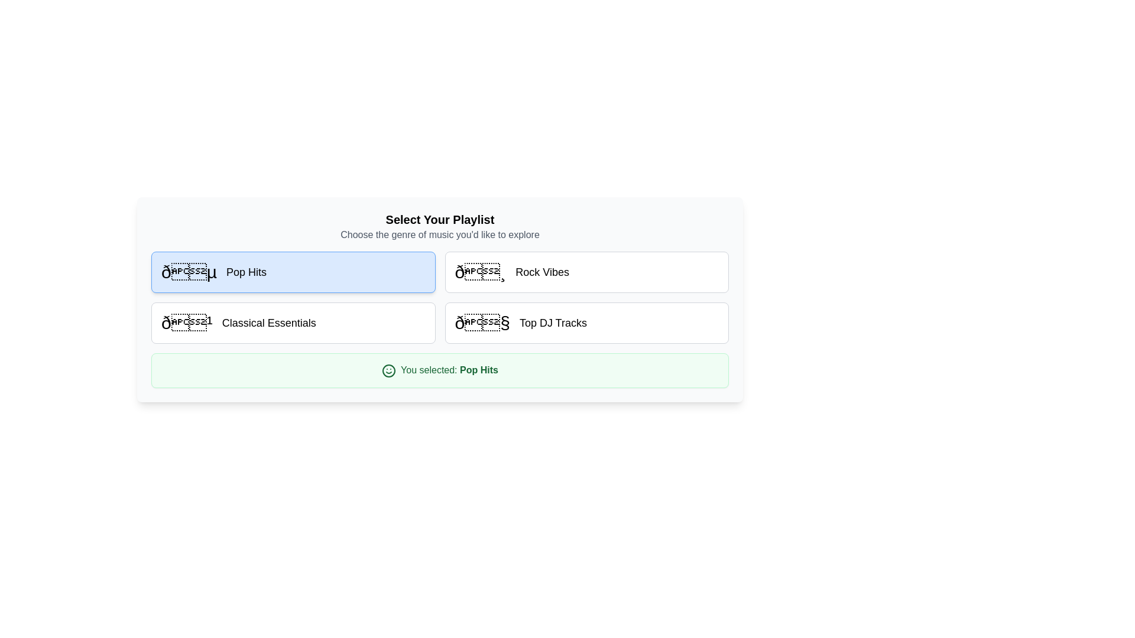 This screenshot has height=638, width=1135. I want to click on text label that reads 'Classical Essentials', which is prominently styled in a larger font and bold weight, located in the second row of the left column, next to a musical note icon, so click(268, 323).